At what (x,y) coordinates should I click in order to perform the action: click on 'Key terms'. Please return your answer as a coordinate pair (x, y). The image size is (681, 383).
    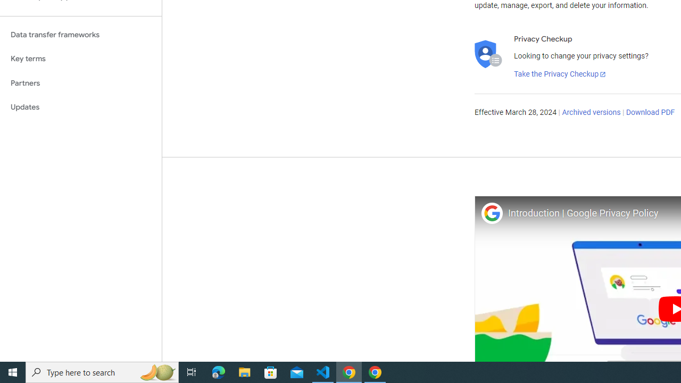
    Looking at the image, I should click on (80, 59).